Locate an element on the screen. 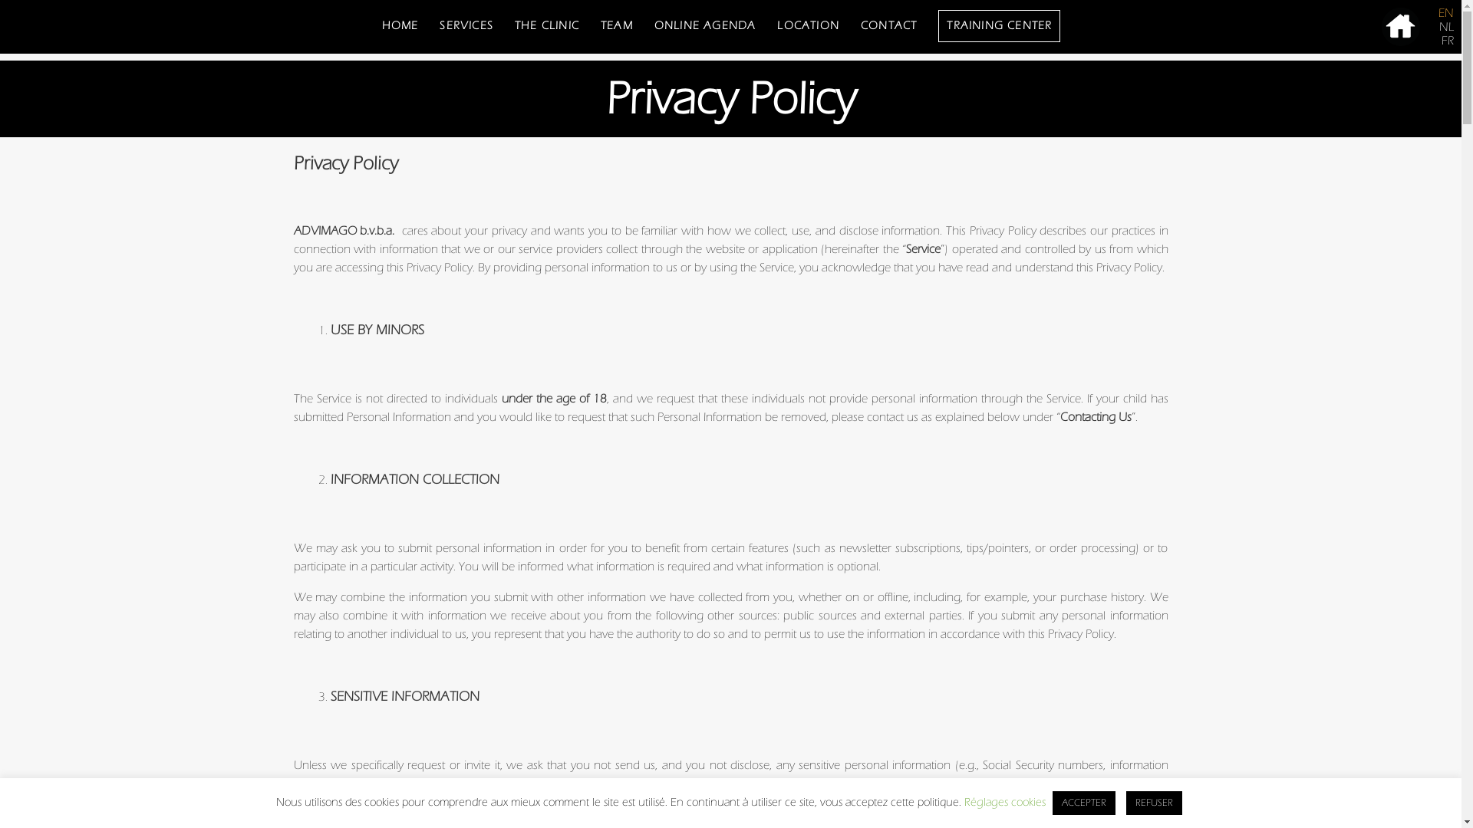 The width and height of the screenshot is (1473, 828). 'SERVICES' is located at coordinates (466, 24).